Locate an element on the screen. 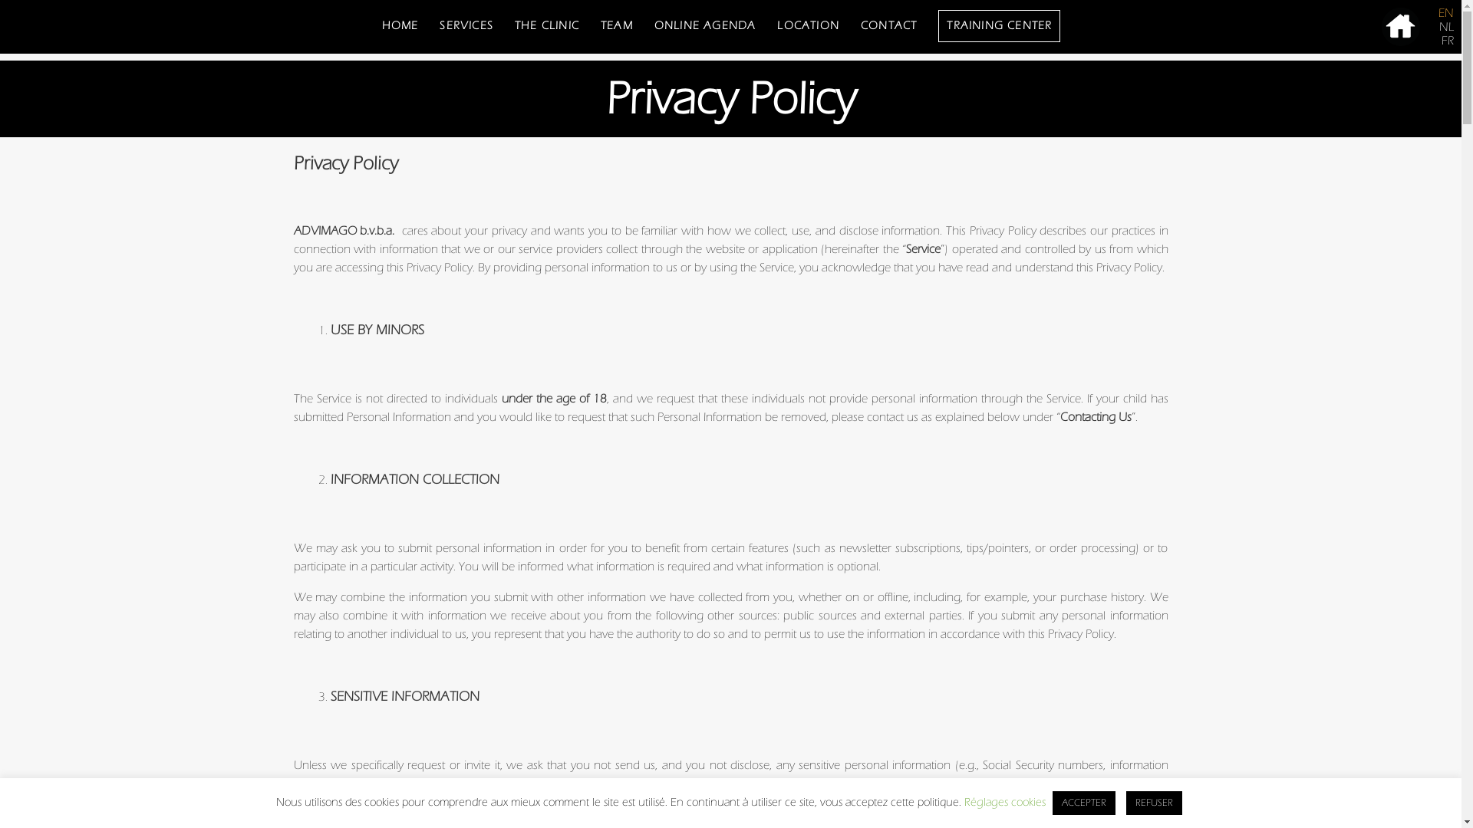 The width and height of the screenshot is (1473, 828). 'SERVICES' is located at coordinates (466, 24).